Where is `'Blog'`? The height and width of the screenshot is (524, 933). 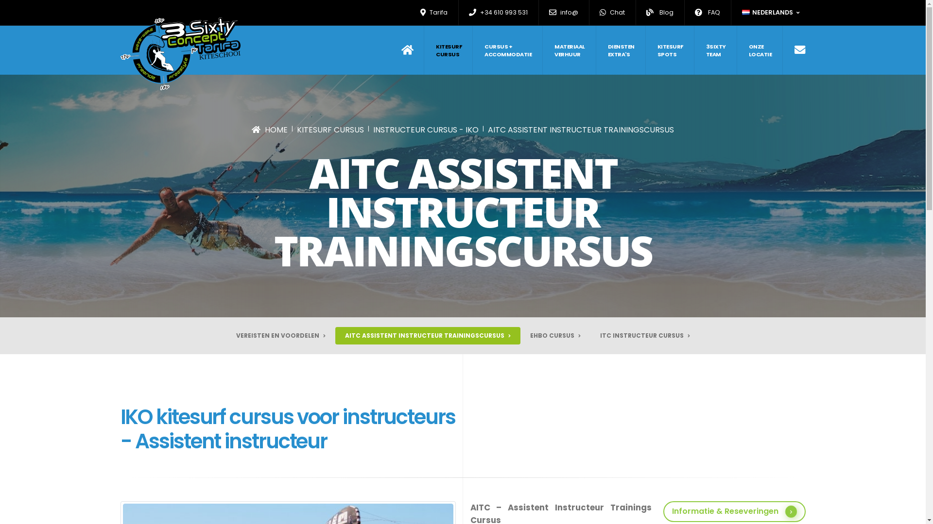 'Blog' is located at coordinates (659, 13).